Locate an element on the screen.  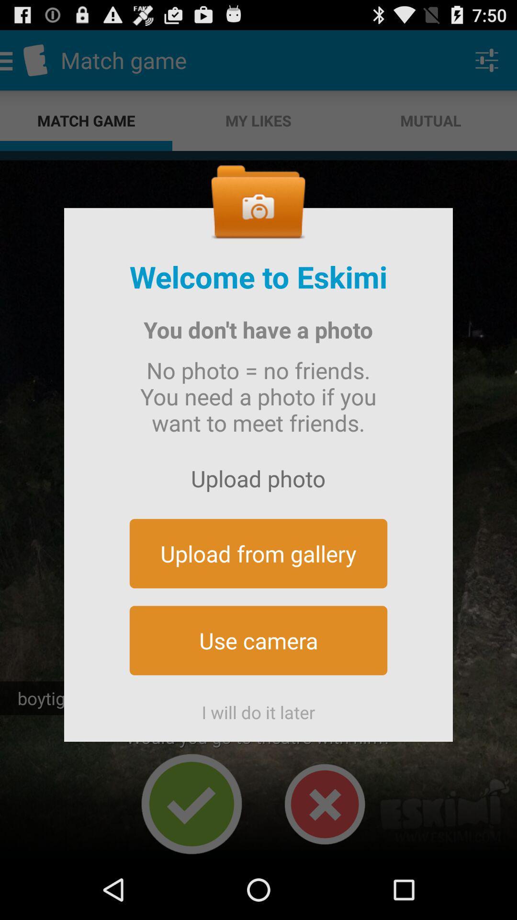
the upload from gallery icon is located at coordinates (258, 553).